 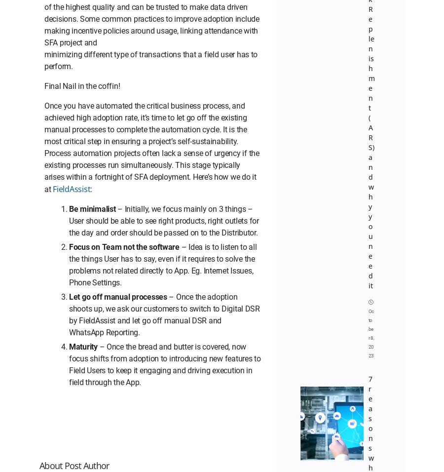 I want to click on 'Blogs', so click(x=385, y=6).